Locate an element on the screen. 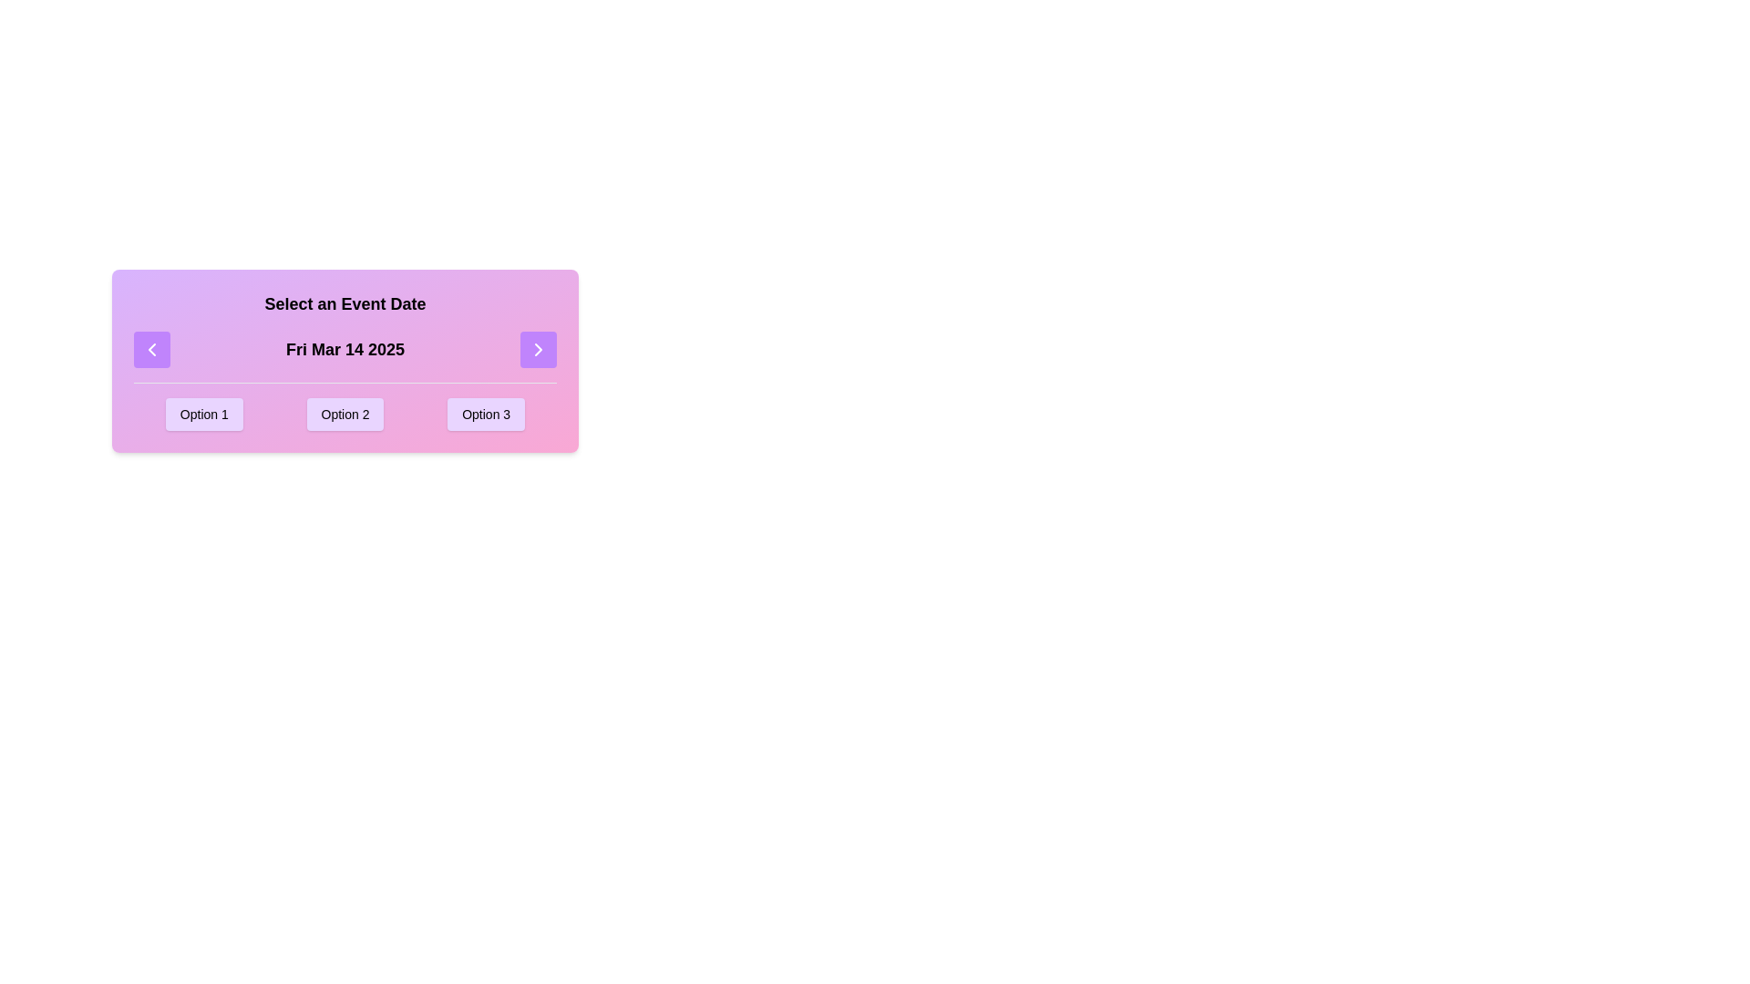 Image resolution: width=1750 pixels, height=984 pixels. the 'Option 3' button, which is a rectangular button with a light purple background, located on the rightmost side of three similar options is located at coordinates (486, 415).